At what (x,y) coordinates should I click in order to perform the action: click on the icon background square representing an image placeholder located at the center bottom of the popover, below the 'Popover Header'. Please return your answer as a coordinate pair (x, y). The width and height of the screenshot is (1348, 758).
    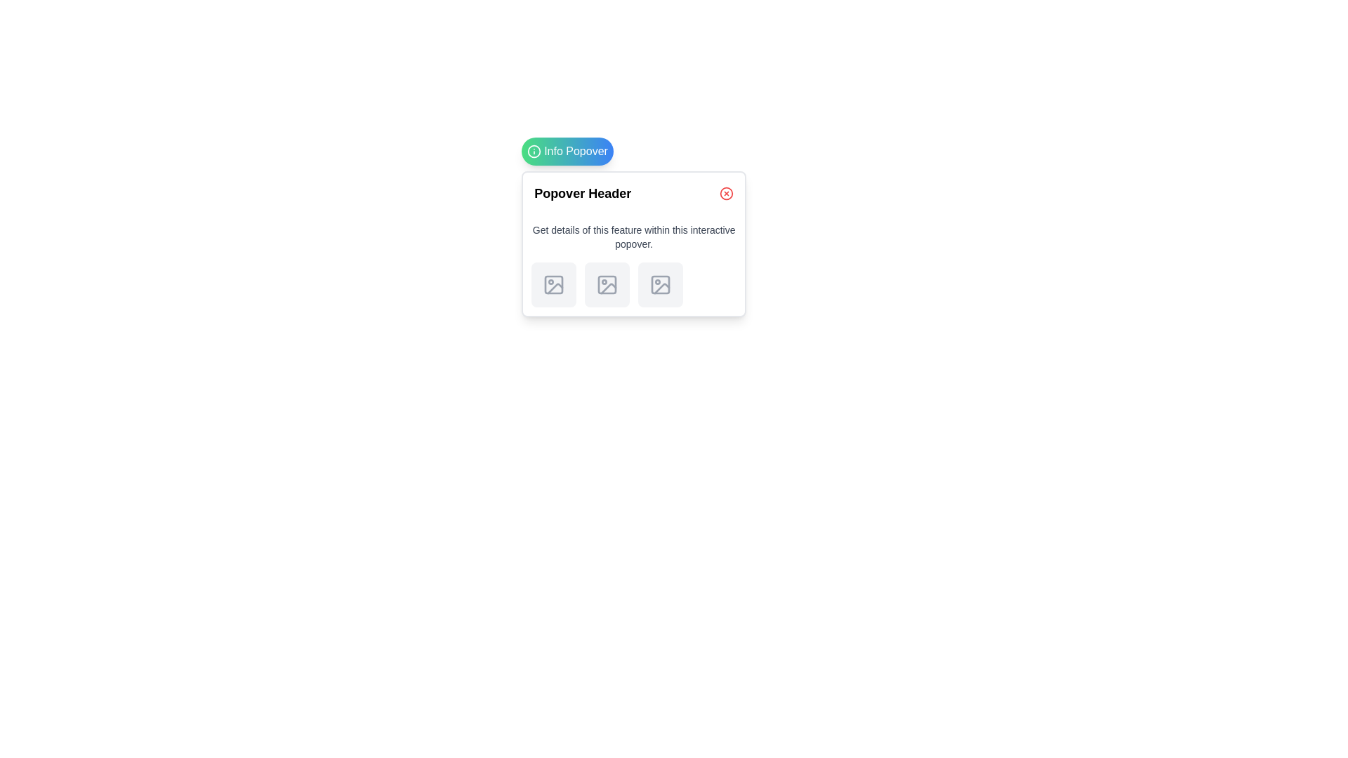
    Looking at the image, I should click on (553, 284).